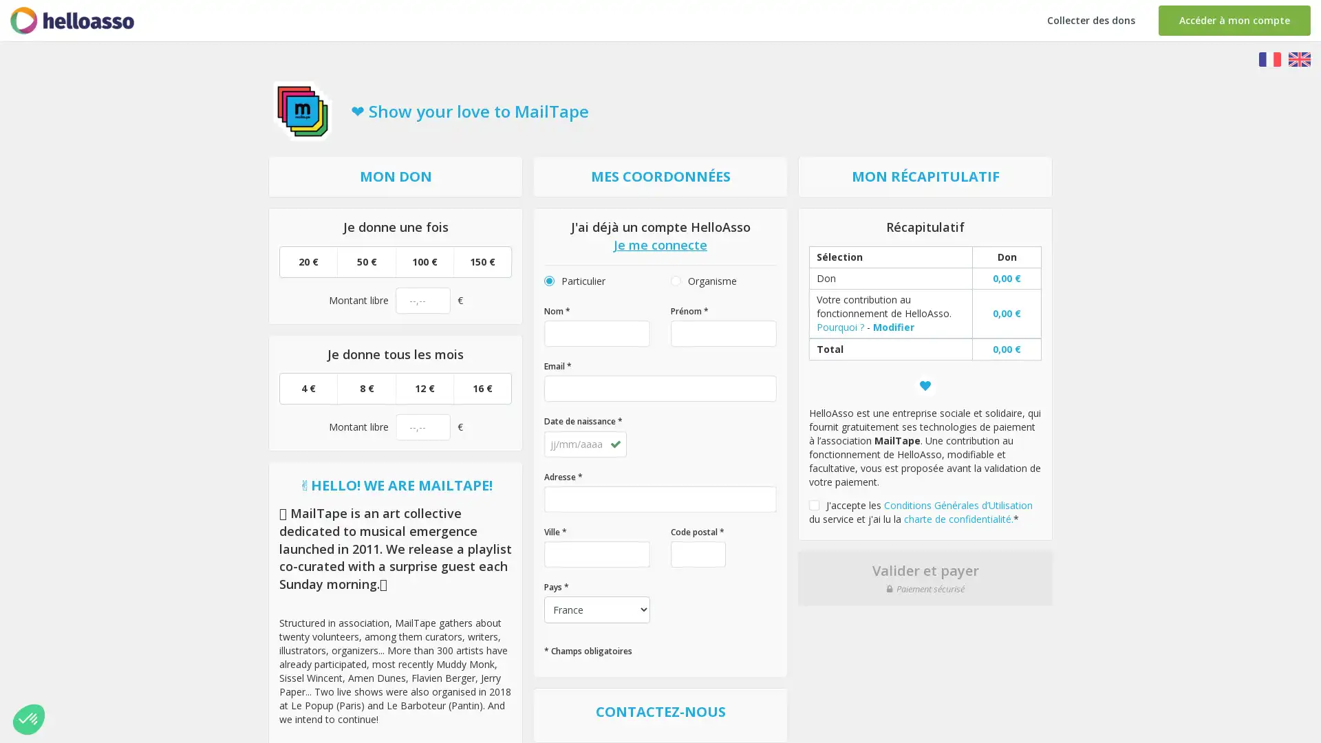 This screenshot has height=743, width=1321. Describe the element at coordinates (29, 718) in the screenshot. I see `Non merci` at that location.